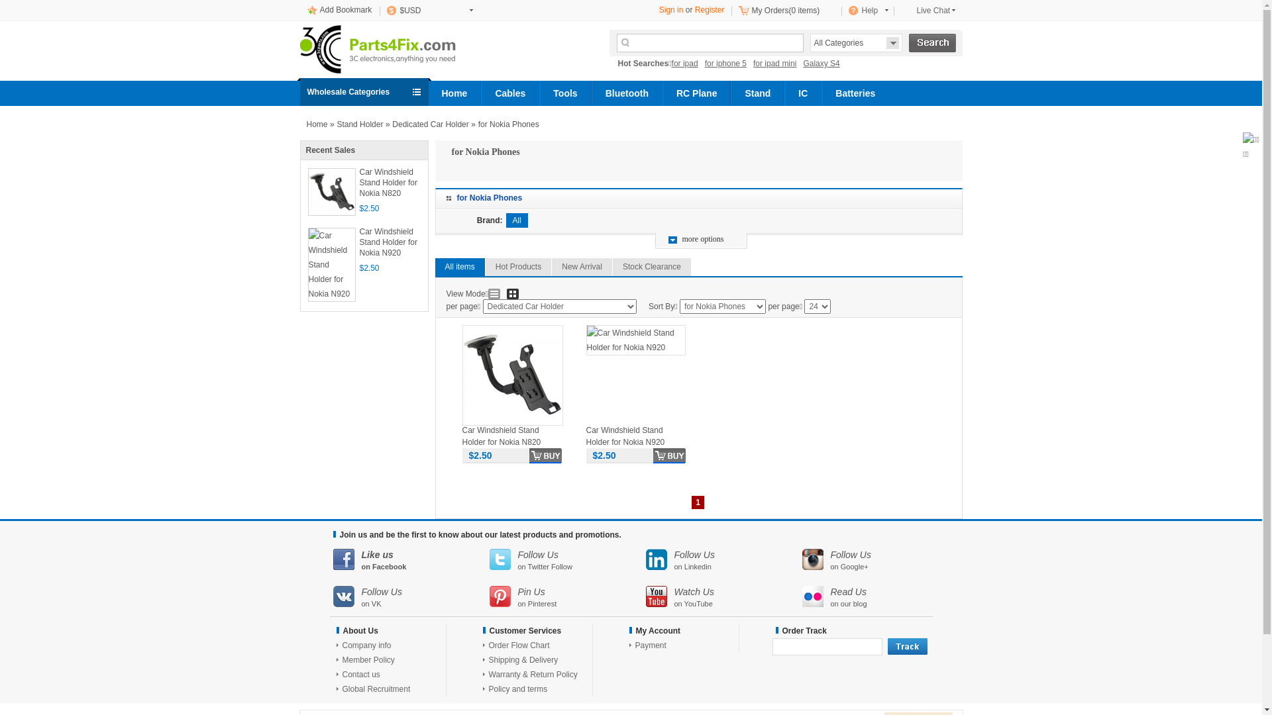 The width and height of the screenshot is (1272, 715). What do you see at coordinates (906, 645) in the screenshot?
I see `'track'` at bounding box center [906, 645].